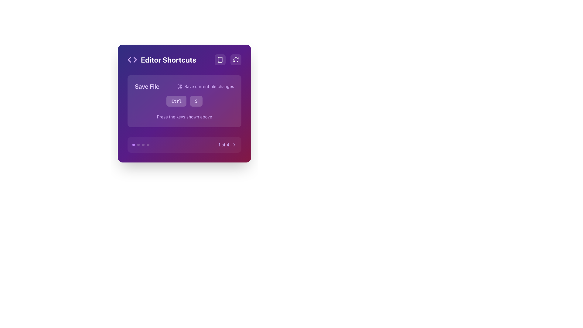  I want to click on the right-facing chevron icon used for navigation, located to the right of the text '1 of 4' in the bottom-right corner of the interface, so click(234, 145).